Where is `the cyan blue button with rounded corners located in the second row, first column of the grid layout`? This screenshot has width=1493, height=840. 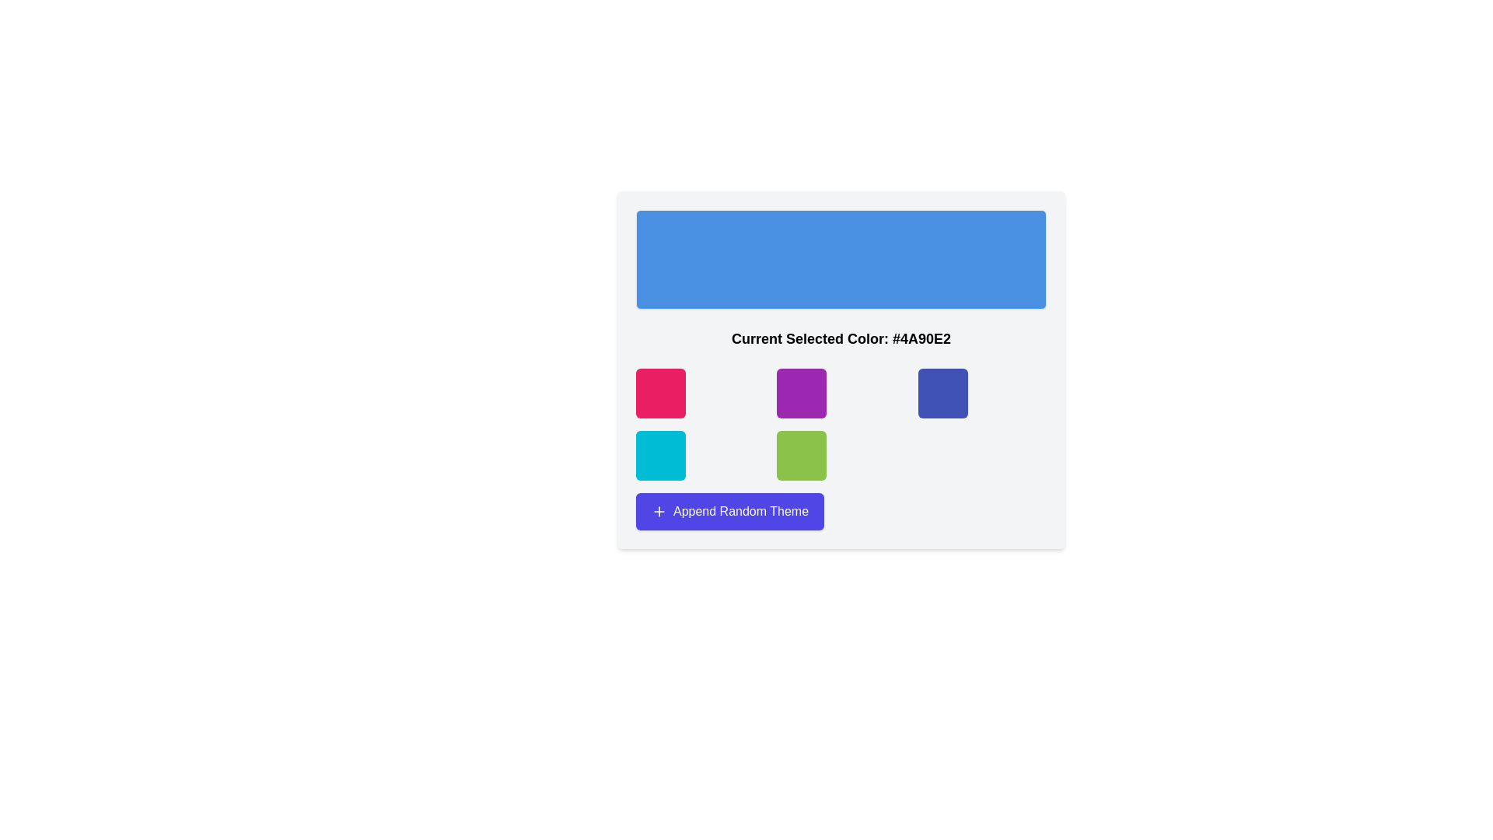
the cyan blue button with rounded corners located in the second row, first column of the grid layout is located at coordinates (660, 455).